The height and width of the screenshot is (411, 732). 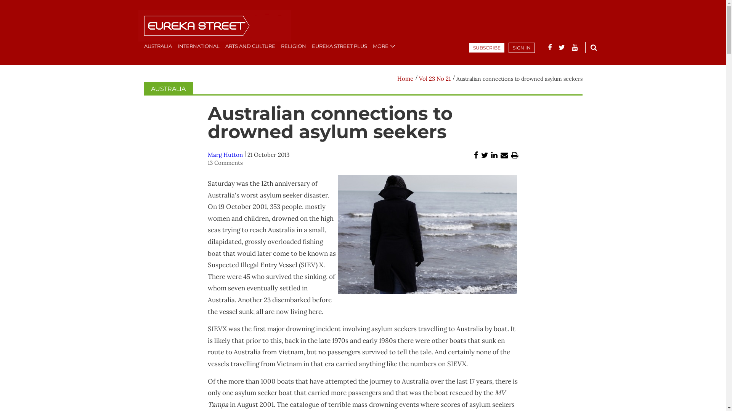 I want to click on 'Print', so click(x=511, y=155).